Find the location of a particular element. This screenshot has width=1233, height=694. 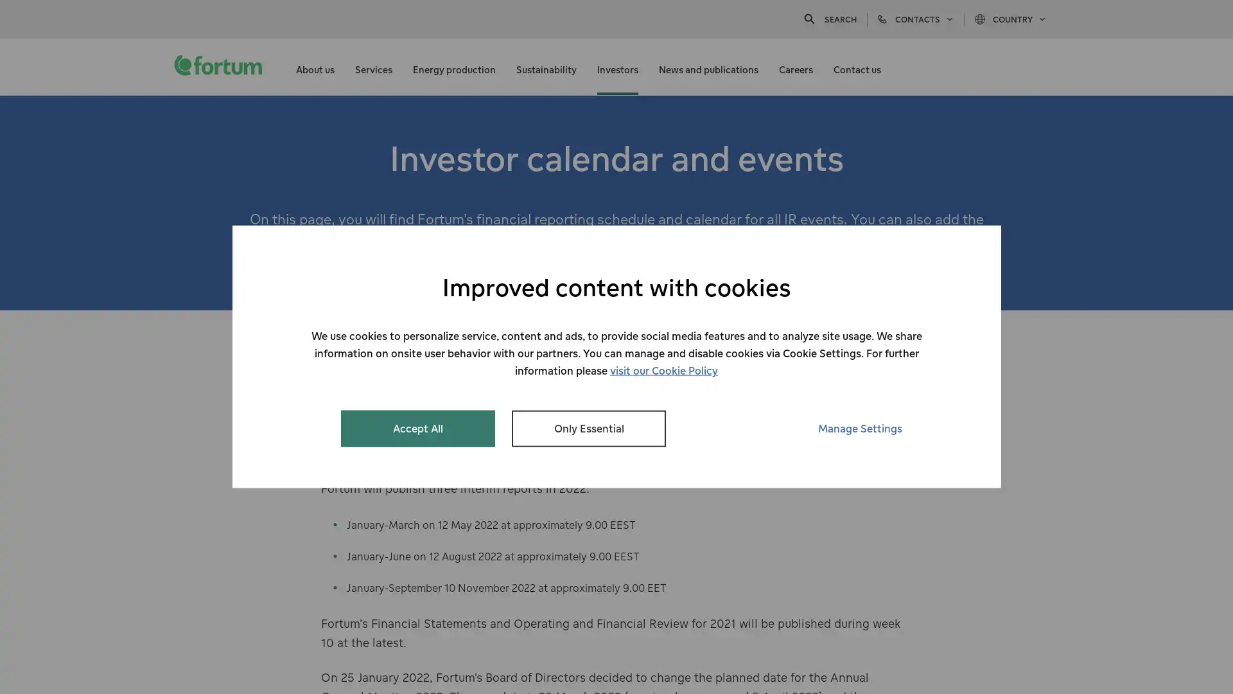

Contact us is located at coordinates (857, 67).